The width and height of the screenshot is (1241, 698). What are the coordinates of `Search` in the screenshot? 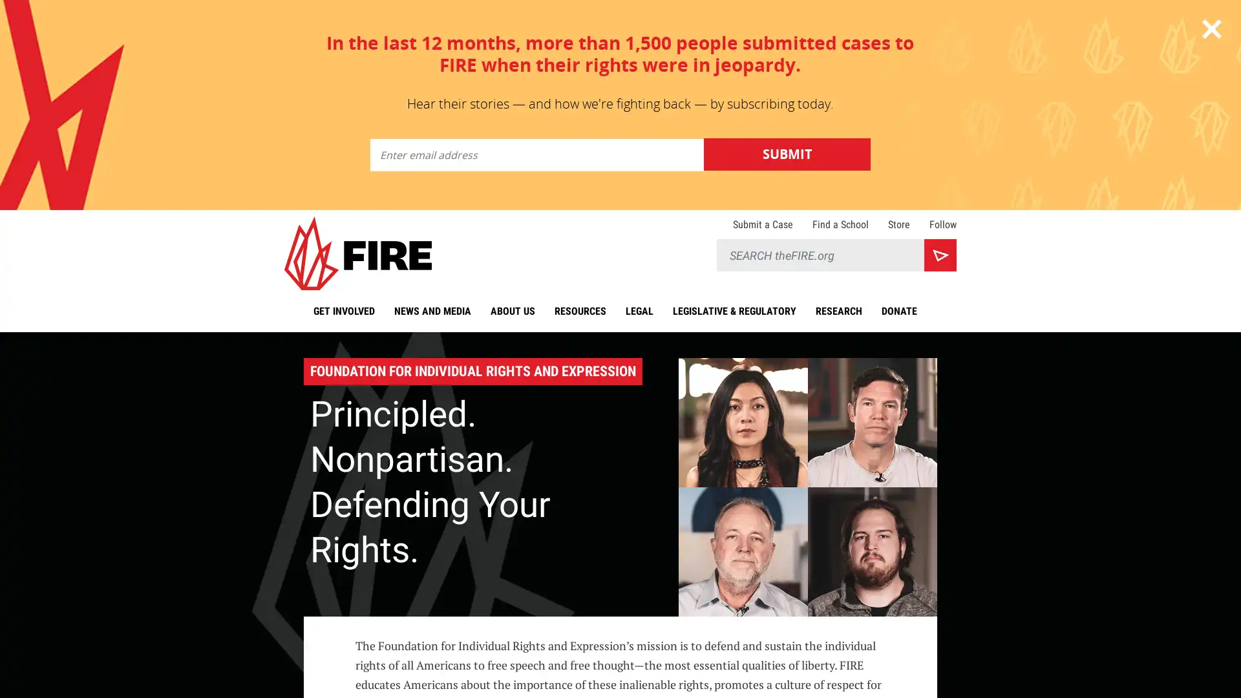 It's located at (940, 255).